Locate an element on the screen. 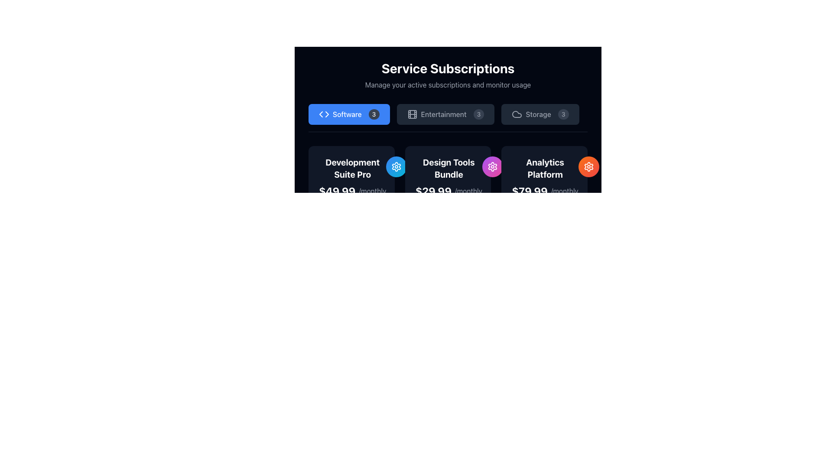 The image size is (832, 468). the informational text block that states 'Manage your active subscriptions and monitor usage', styled in gray and located beneath the 'Service Subscriptions' header is located at coordinates (448, 85).